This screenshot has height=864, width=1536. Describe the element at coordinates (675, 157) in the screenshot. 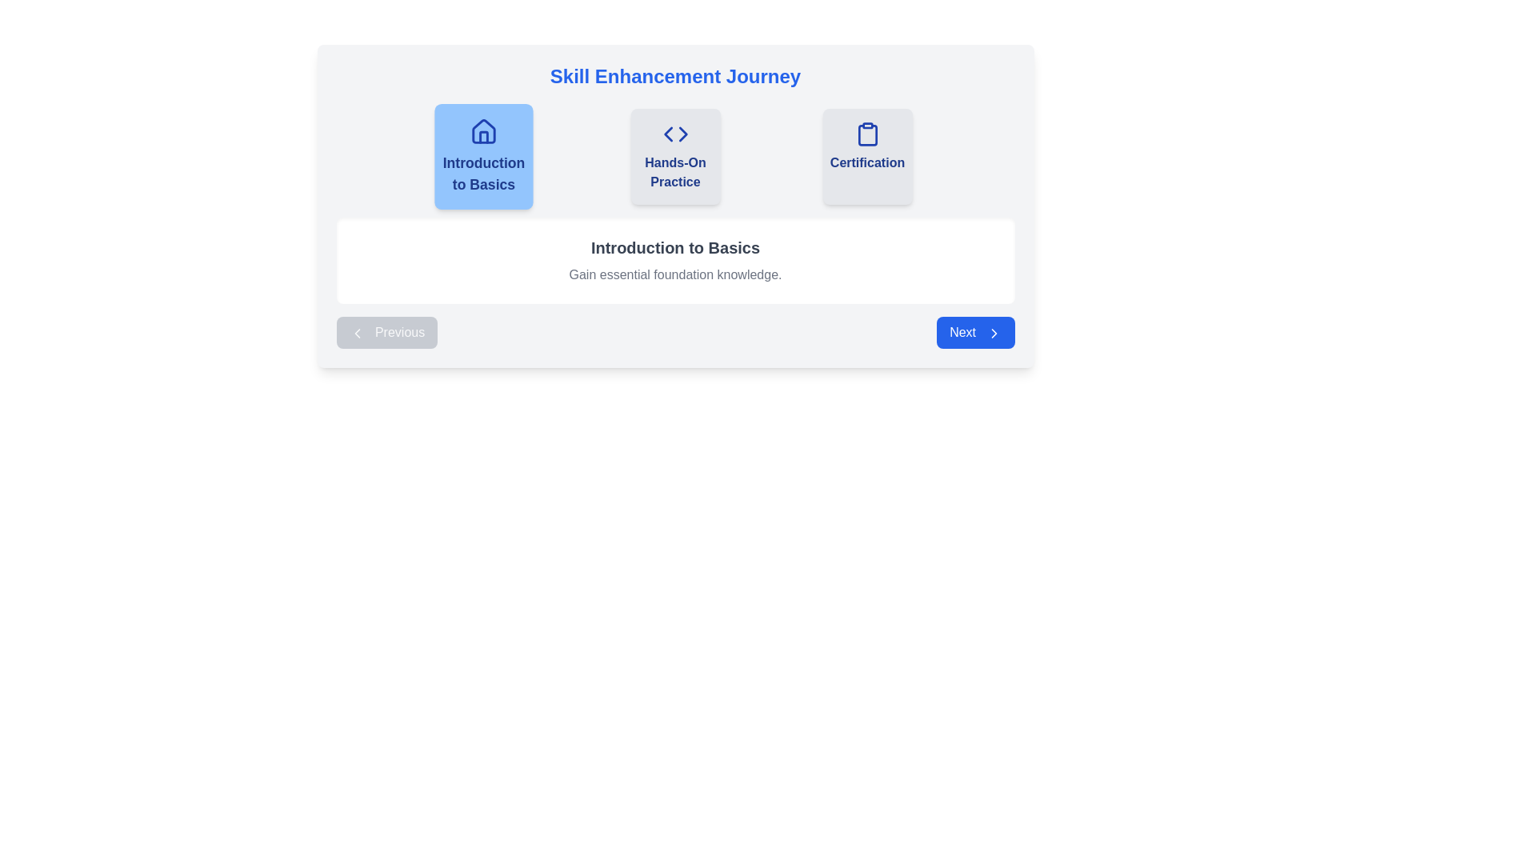

I see `the 'Hands-On Practice' button in the navigation hub` at that location.